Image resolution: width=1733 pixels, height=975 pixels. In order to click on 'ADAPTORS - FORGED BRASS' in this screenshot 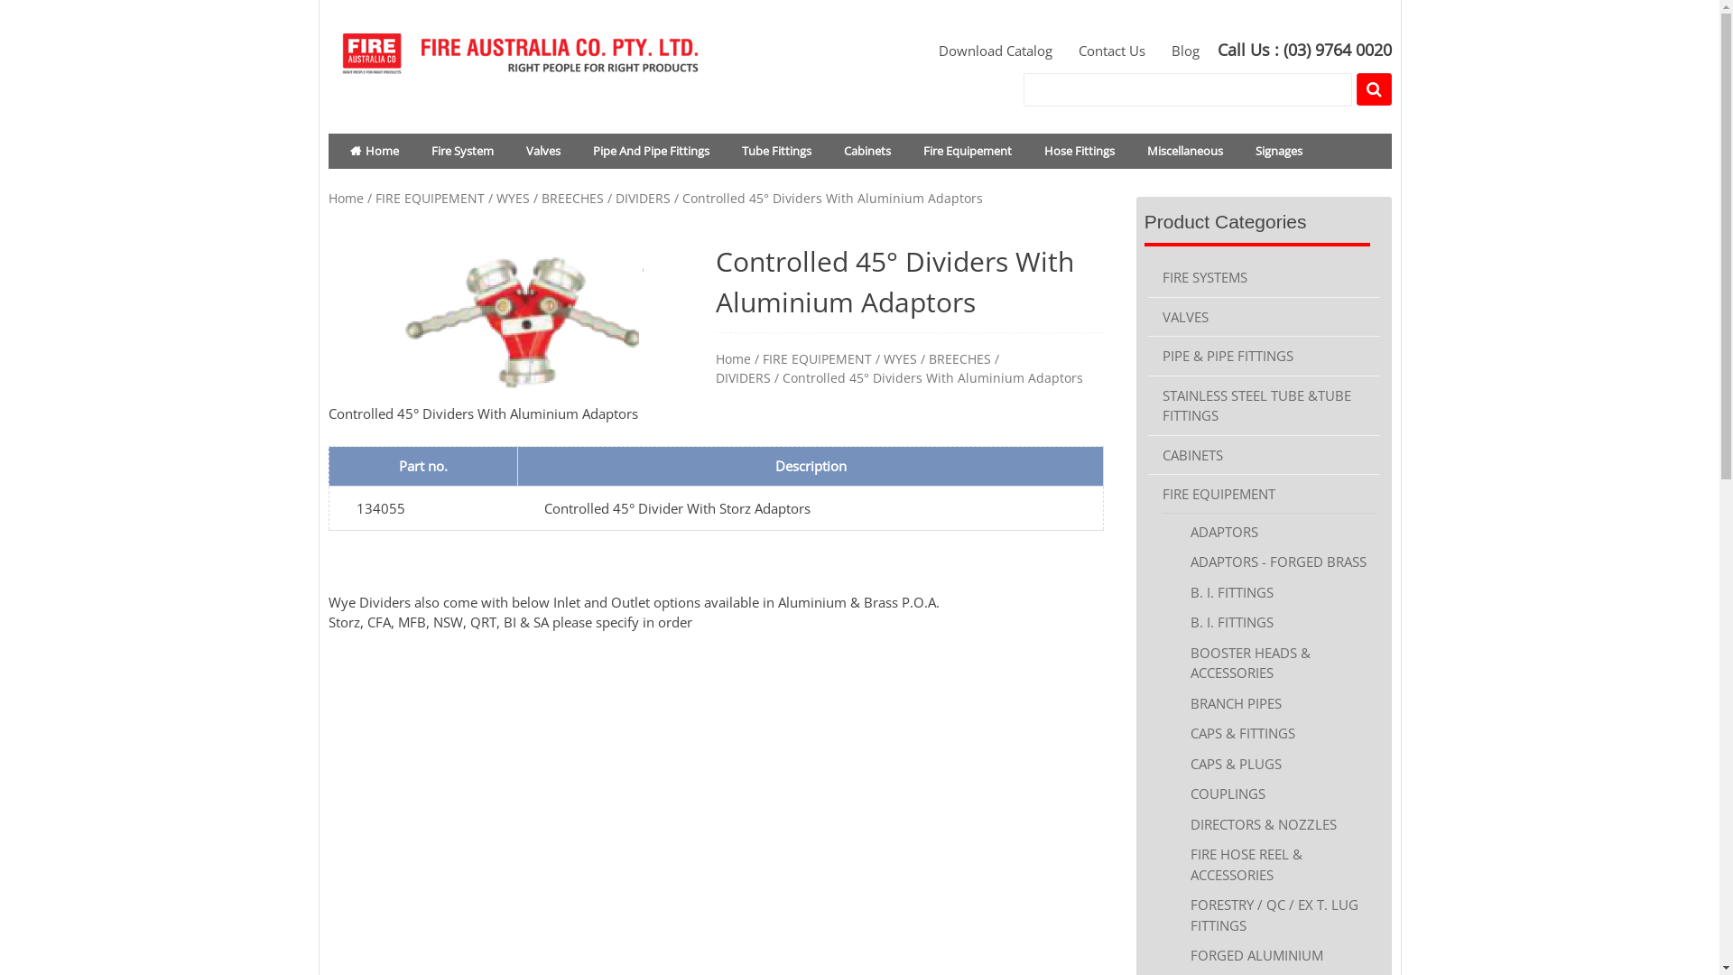, I will do `click(1277, 560)`.